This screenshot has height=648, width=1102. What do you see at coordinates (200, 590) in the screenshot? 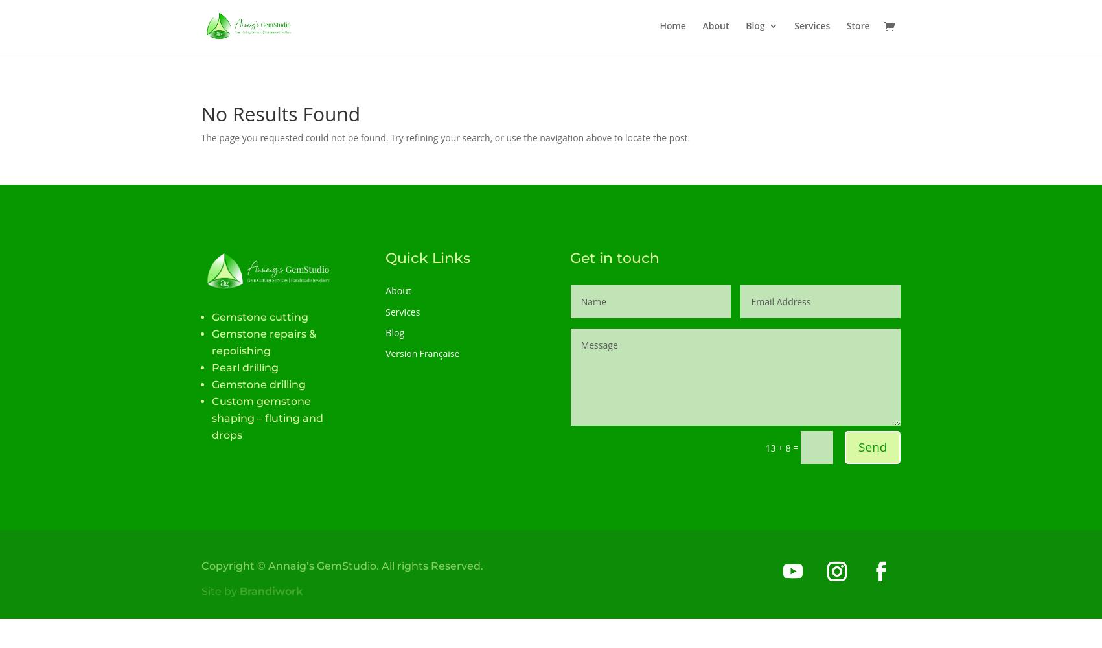
I see `'Site by'` at bounding box center [200, 590].